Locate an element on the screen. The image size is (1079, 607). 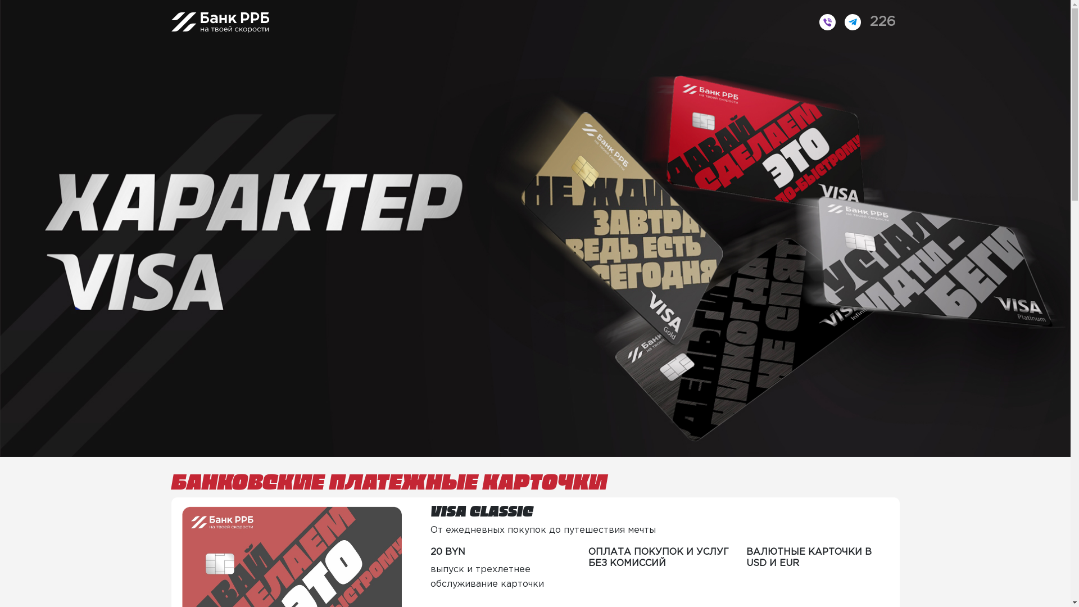
'226' is located at coordinates (865, 22).